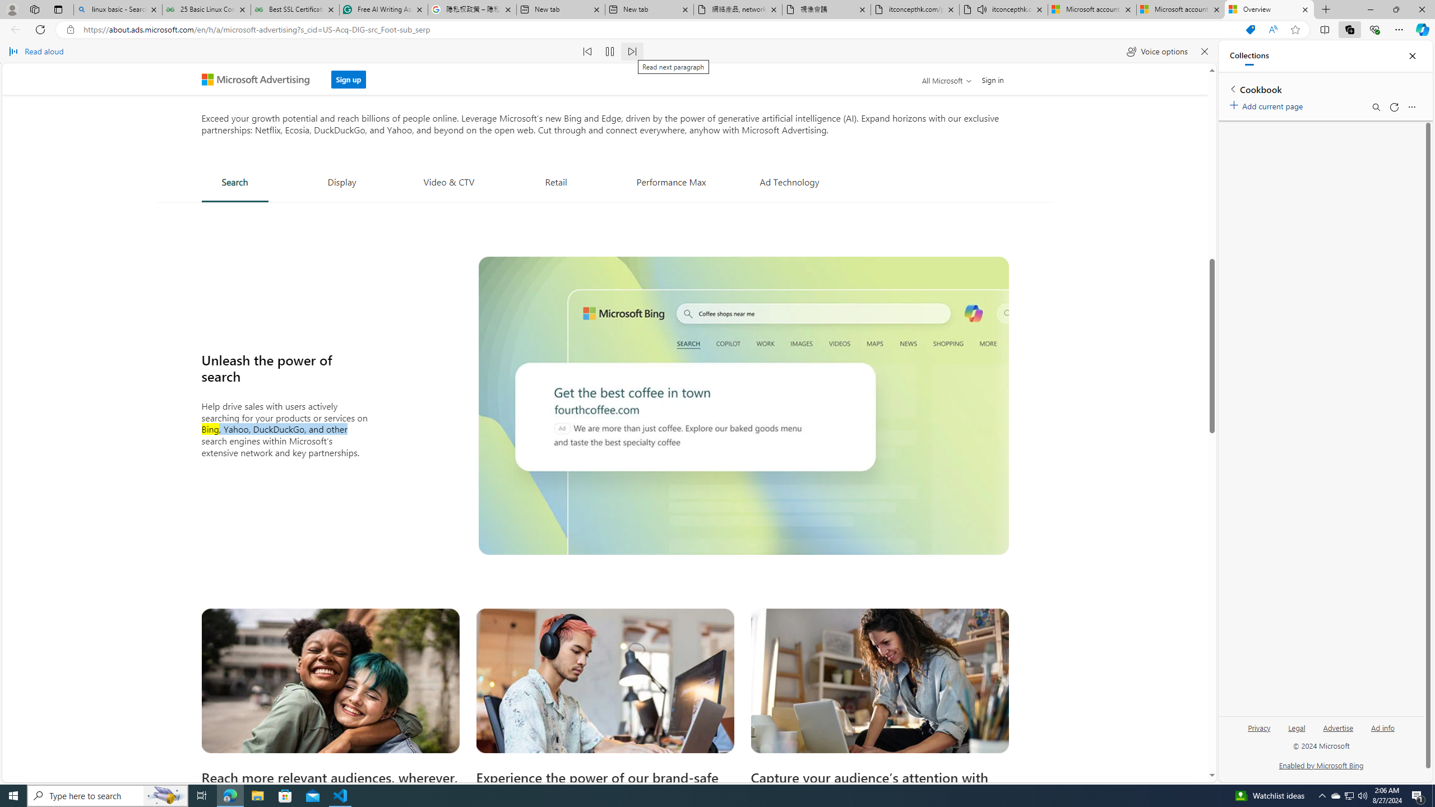 The width and height of the screenshot is (1435, 807). I want to click on 'itconcepthk.com/projector_solutions.mp4 - Audio playing', so click(1003, 9).